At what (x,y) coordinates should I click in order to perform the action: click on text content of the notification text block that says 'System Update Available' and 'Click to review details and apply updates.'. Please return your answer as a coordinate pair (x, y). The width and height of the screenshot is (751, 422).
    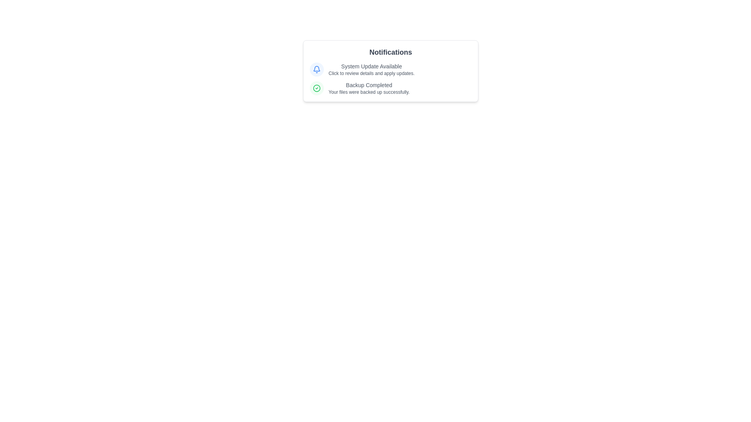
    Looking at the image, I should click on (371, 69).